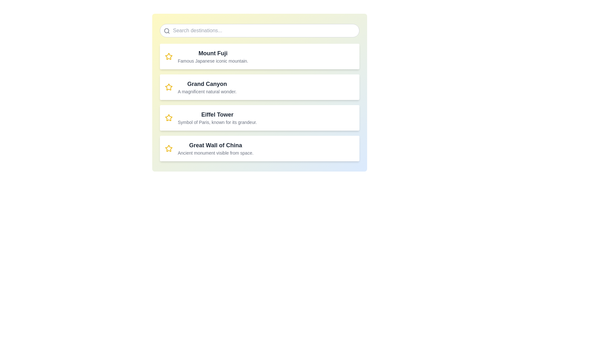 Image resolution: width=614 pixels, height=345 pixels. Describe the element at coordinates (213, 61) in the screenshot. I see `the static text label that reads 'Famous Japanese iconic mountain', which is styled in a smaller gray font and positioned directly below the title 'Mount Fuji'` at that location.